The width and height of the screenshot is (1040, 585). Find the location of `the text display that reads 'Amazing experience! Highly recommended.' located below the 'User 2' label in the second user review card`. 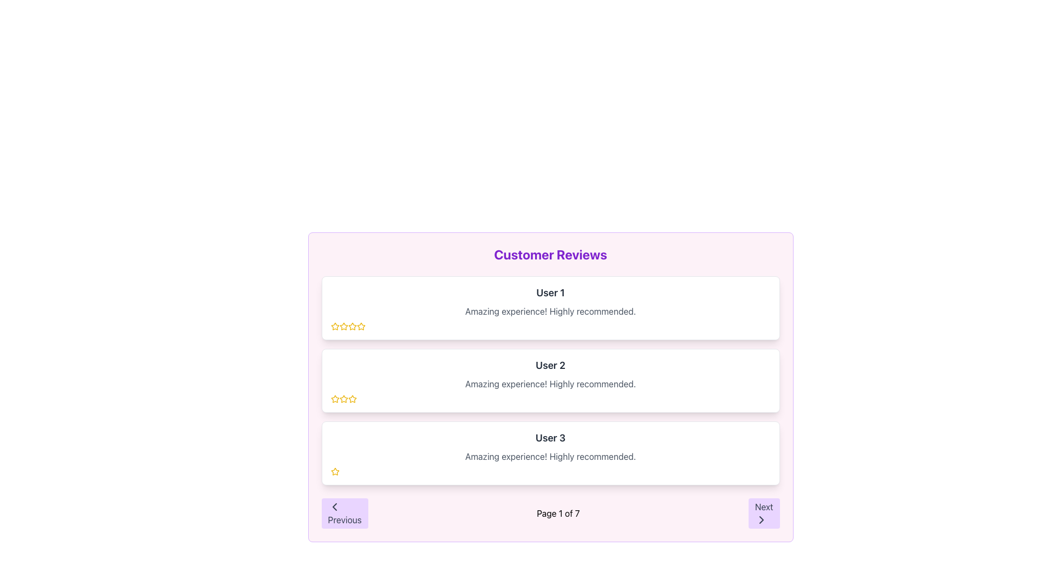

the text display that reads 'Amazing experience! Highly recommended.' located below the 'User 2' label in the second user review card is located at coordinates (550, 383).